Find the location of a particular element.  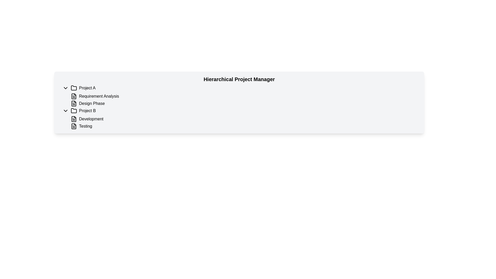

the label representing 'Requirement Analysis' under 'Project A' is located at coordinates (92, 104).